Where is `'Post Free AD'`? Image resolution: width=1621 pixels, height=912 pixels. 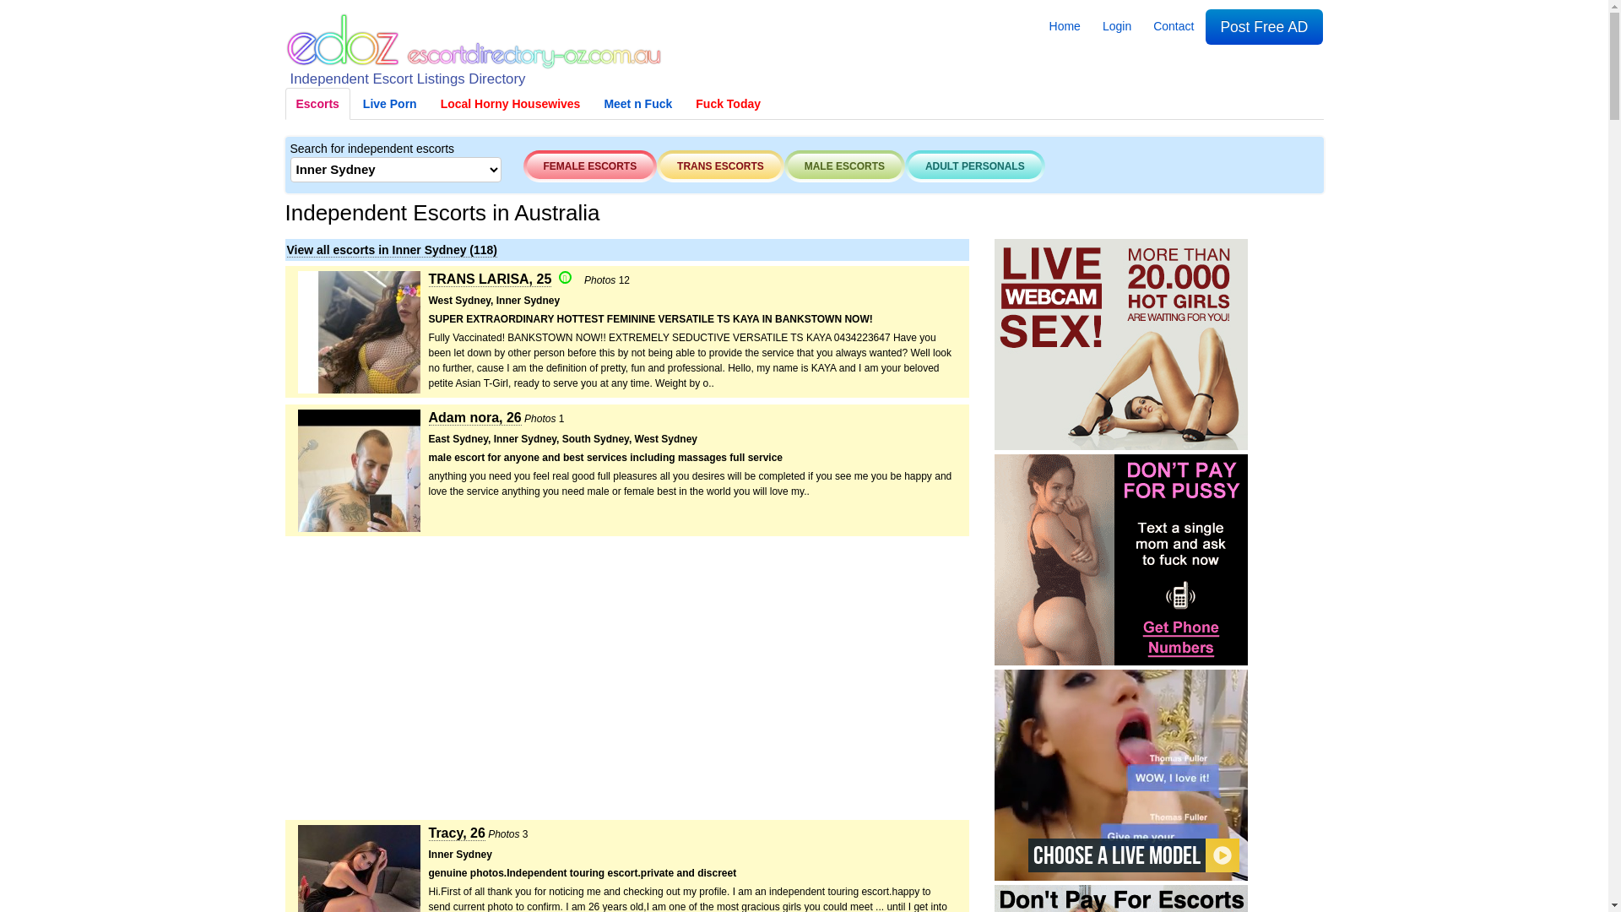
'Post Free AD' is located at coordinates (1264, 26).